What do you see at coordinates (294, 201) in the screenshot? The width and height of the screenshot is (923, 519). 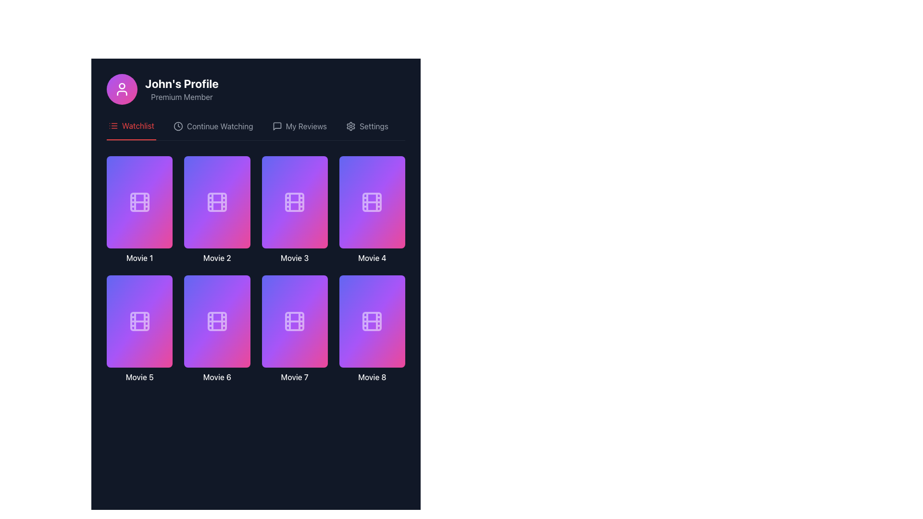 I see `the movie icon representing 'Movie 3' in the third column of the first row of the movie grid` at bounding box center [294, 201].